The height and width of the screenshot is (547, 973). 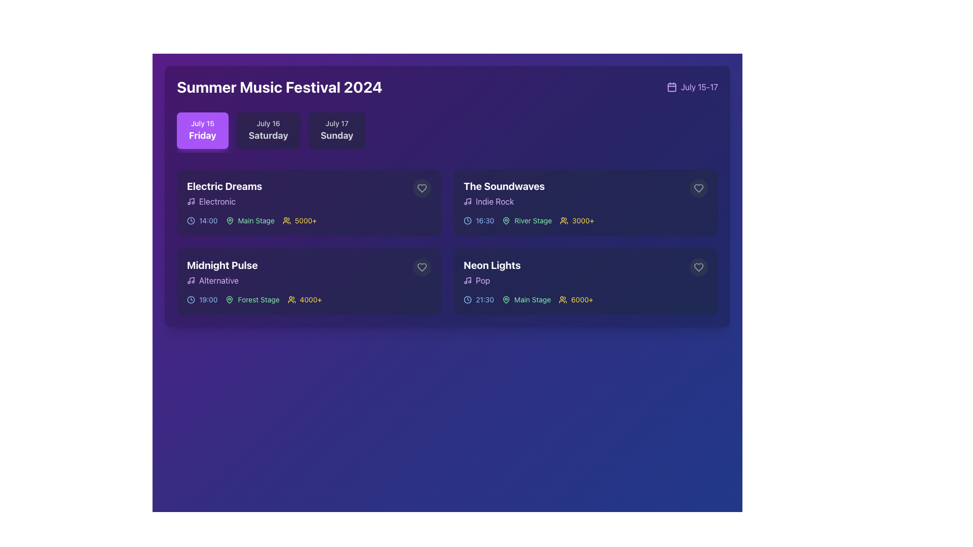 What do you see at coordinates (208, 220) in the screenshot?
I see `time displayed in the light blue text label '14:00' located on the left side of the 'Electric Dreams' event card, next to the clock icon` at bounding box center [208, 220].